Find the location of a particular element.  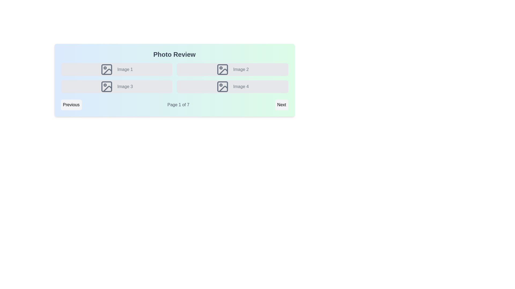

the image icon representing a landscape under the 'Photo Review' label in the second column of the layout grid is located at coordinates (222, 69).